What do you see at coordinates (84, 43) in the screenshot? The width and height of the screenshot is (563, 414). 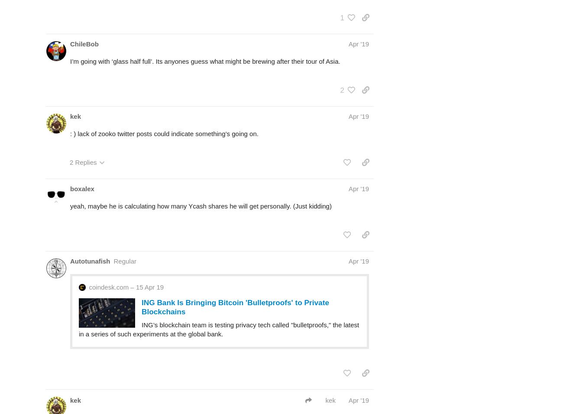 I see `'ChileBob'` at bounding box center [84, 43].